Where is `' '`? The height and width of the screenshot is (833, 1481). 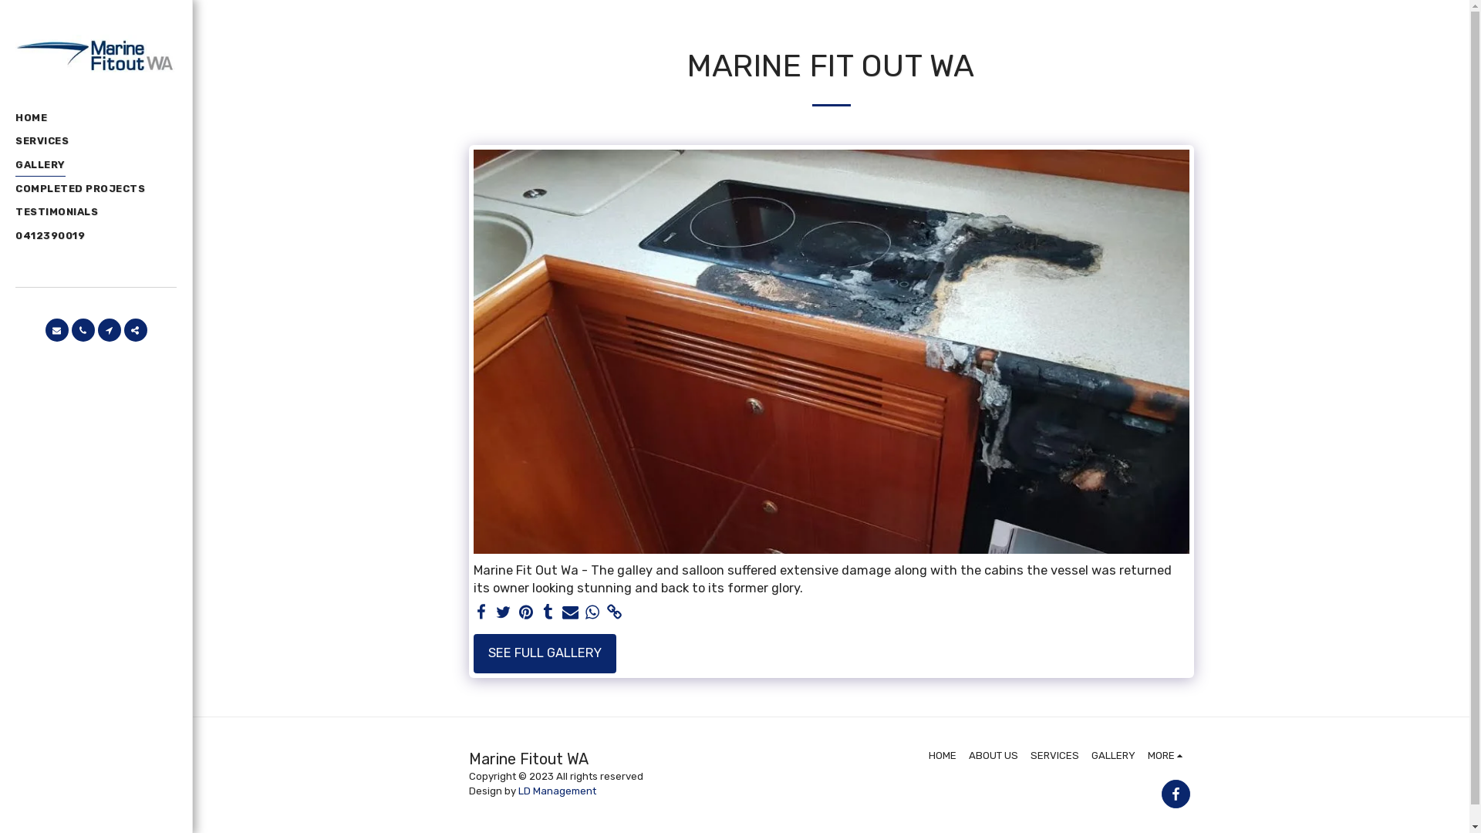 ' ' is located at coordinates (518, 612).